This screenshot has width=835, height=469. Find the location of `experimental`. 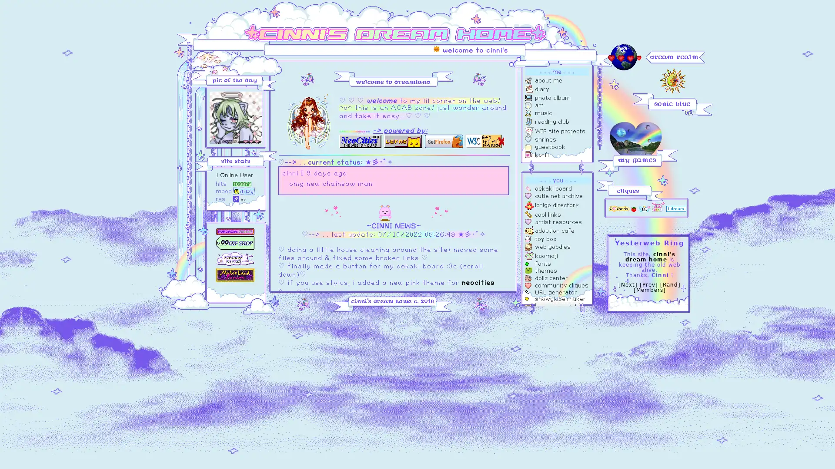

experimental is located at coordinates (558, 306).